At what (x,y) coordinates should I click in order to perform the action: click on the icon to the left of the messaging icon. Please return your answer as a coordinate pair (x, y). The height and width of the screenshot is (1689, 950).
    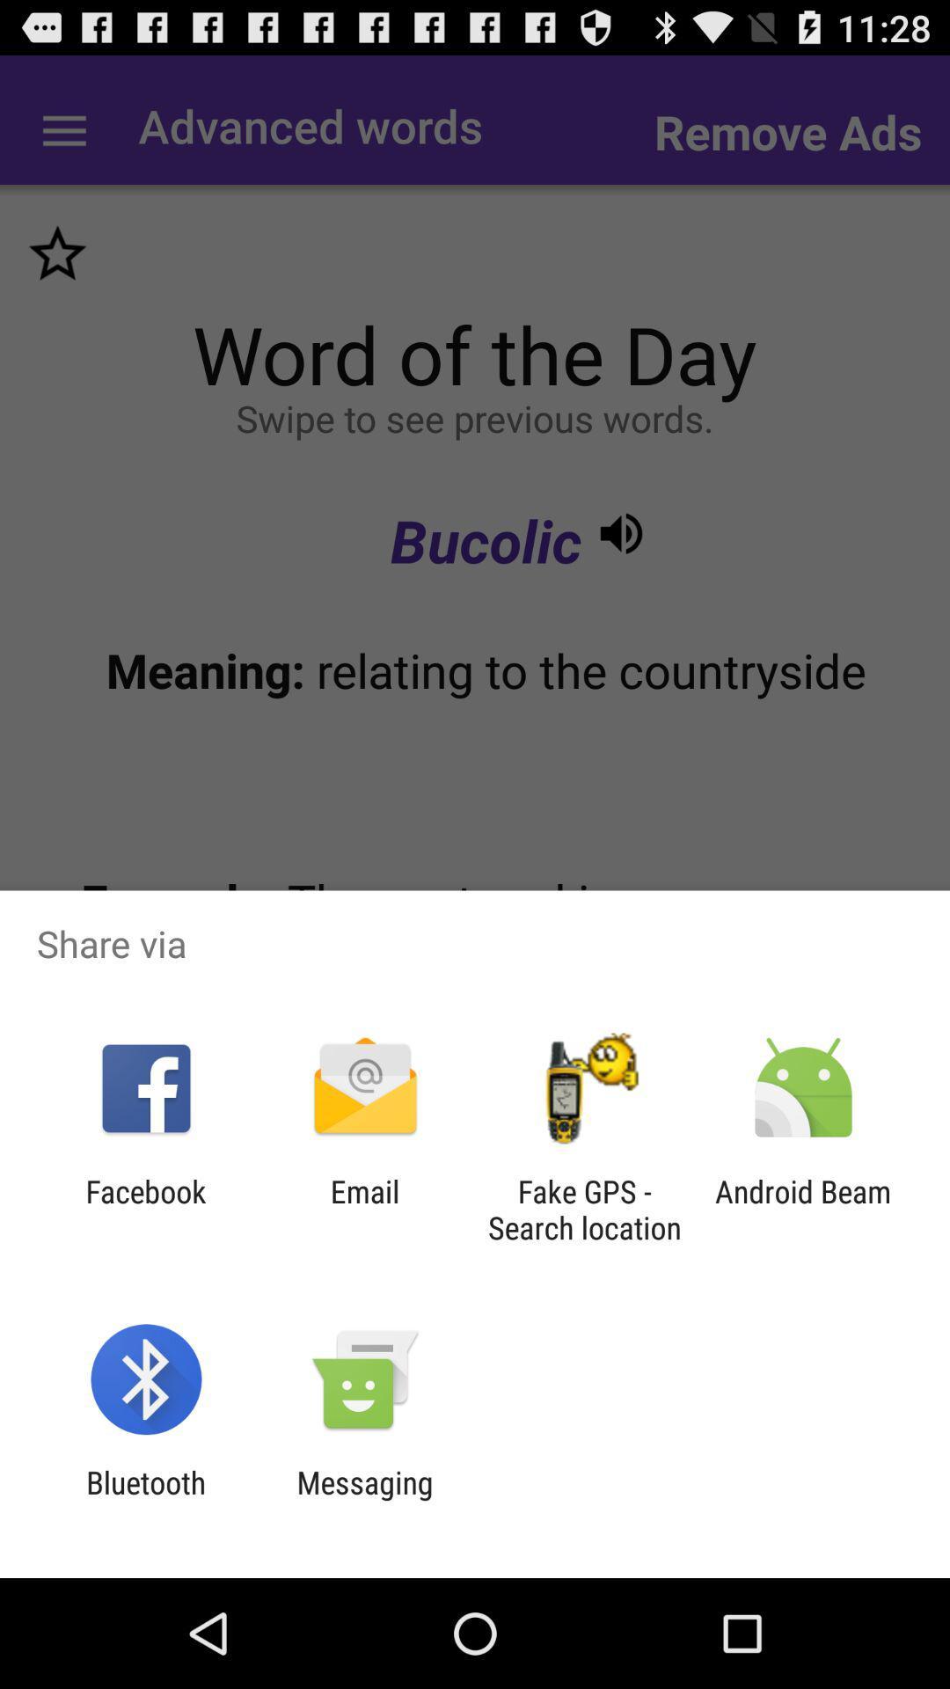
    Looking at the image, I should click on (145, 1500).